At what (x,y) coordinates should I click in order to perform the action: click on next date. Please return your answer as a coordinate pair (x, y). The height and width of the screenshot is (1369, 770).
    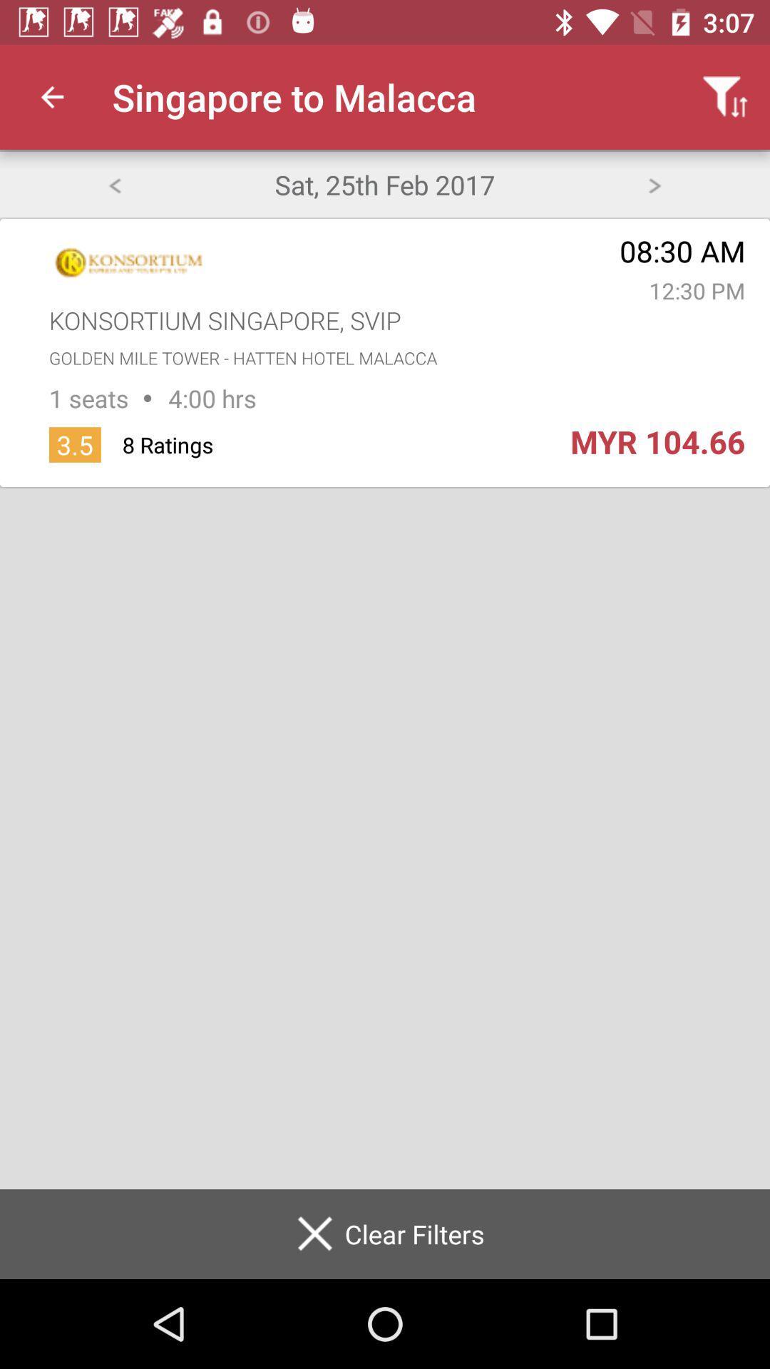
    Looking at the image, I should click on (654, 183).